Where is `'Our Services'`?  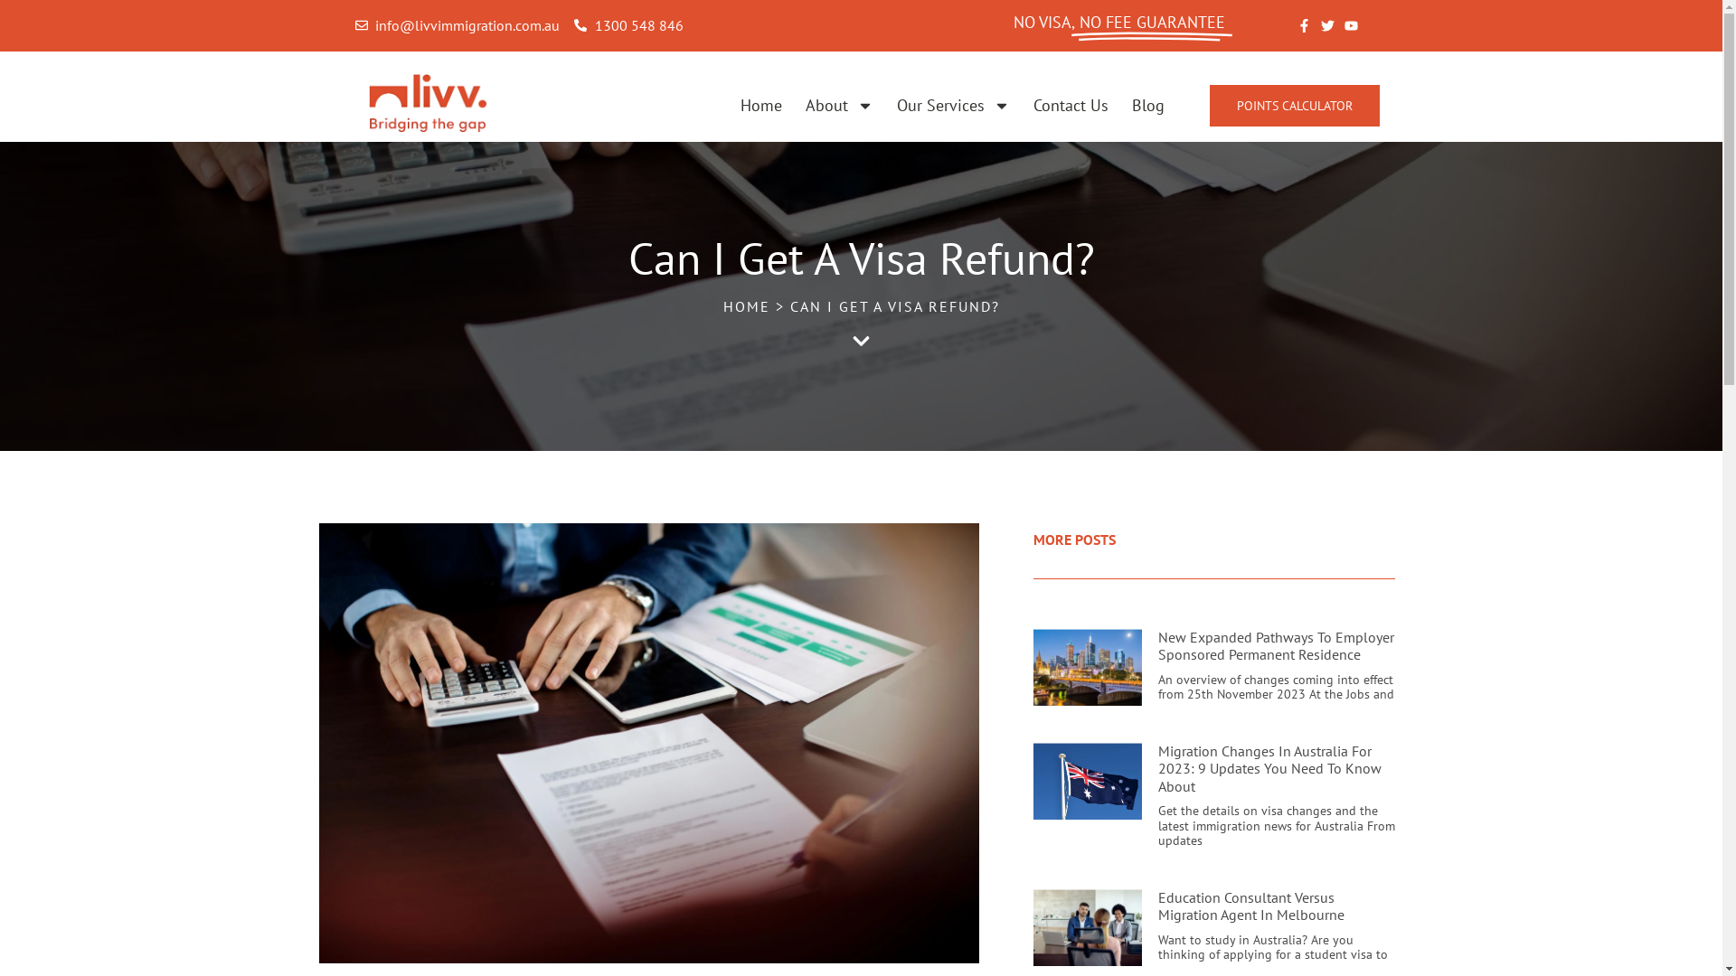 'Our Services' is located at coordinates (952, 106).